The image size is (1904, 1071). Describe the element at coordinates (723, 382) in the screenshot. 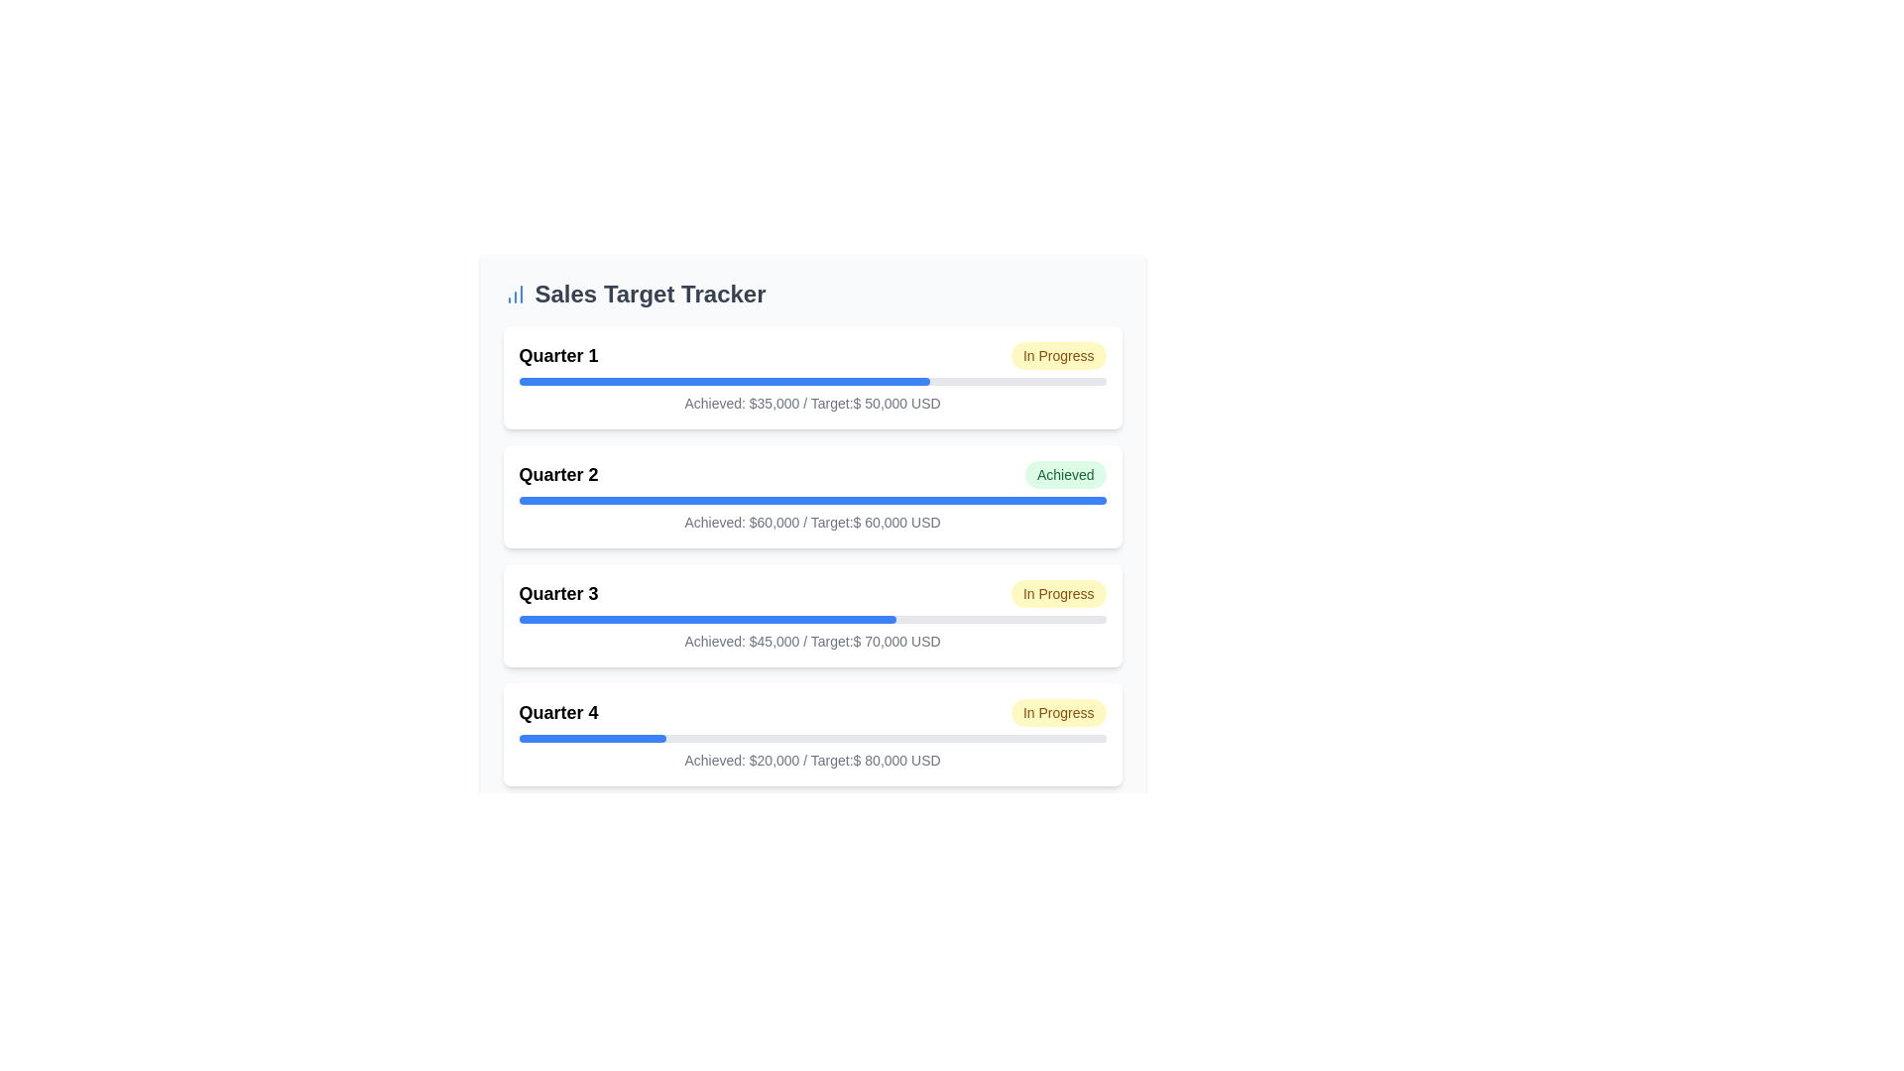

I see `the Progress Bar Segment indicating 70% achievement of sales targets for Quarter 1 in the 'Sales Target Tracker' interface` at that location.